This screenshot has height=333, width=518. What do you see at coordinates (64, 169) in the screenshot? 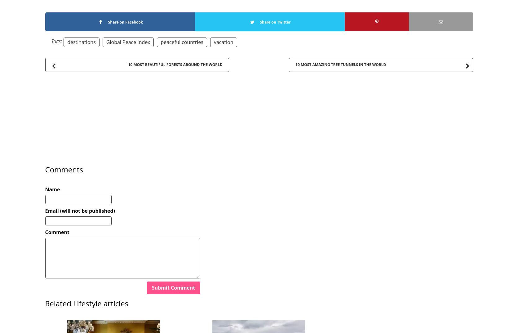
I see `'Comments'` at bounding box center [64, 169].